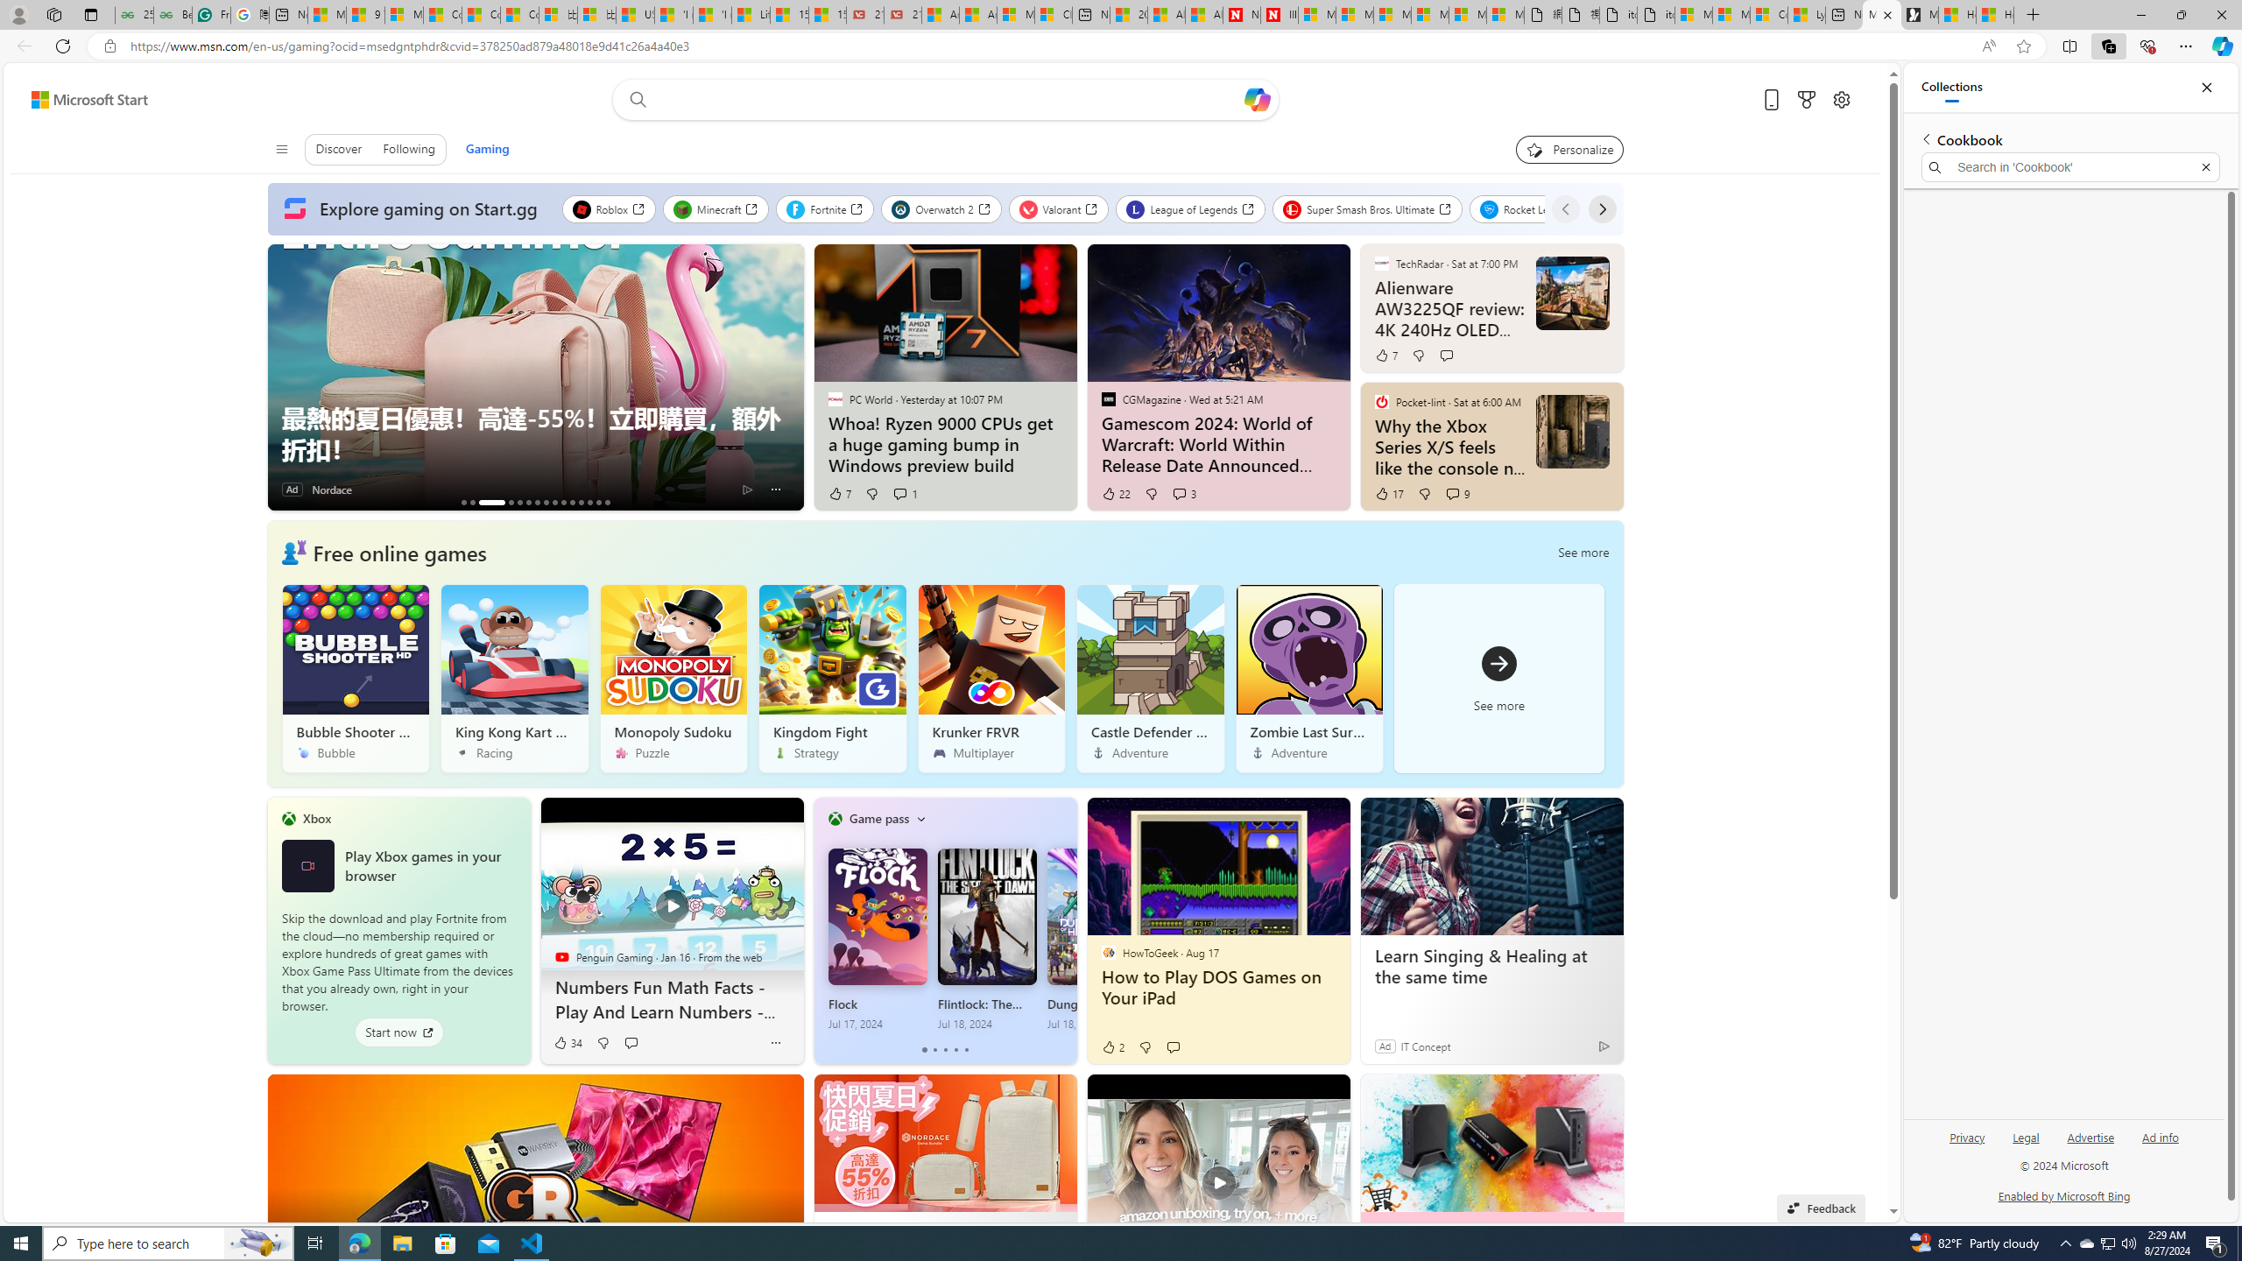 The image size is (2242, 1261). I want to click on 'tab-2', so click(945, 1049).